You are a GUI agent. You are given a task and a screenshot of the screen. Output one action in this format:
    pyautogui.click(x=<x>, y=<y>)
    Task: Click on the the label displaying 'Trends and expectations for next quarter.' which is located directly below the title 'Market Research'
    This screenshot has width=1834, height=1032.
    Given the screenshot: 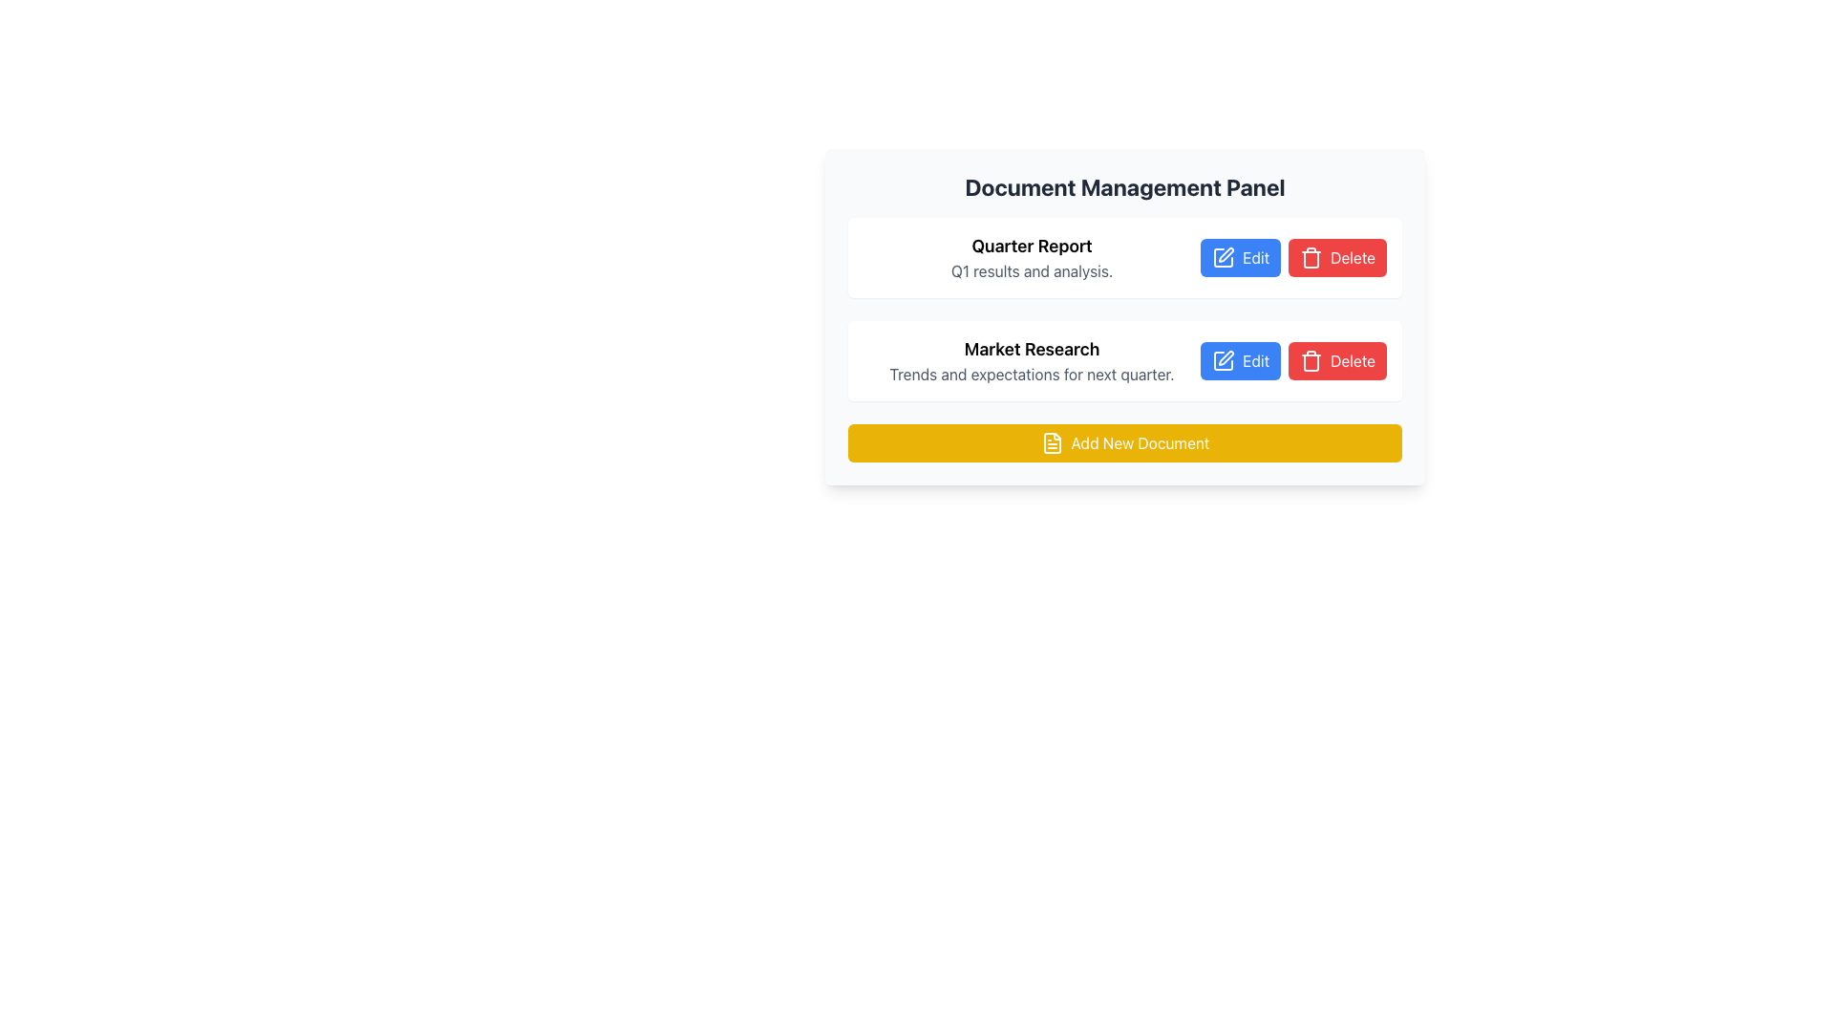 What is the action you would take?
    pyautogui.click(x=1031, y=375)
    